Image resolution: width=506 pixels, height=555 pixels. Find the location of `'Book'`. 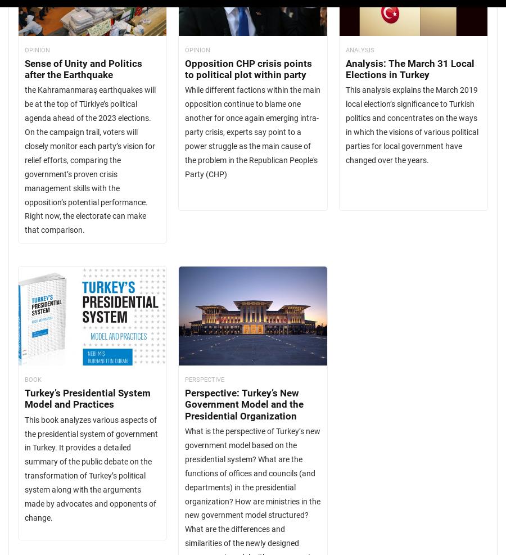

'Book' is located at coordinates (33, 379).